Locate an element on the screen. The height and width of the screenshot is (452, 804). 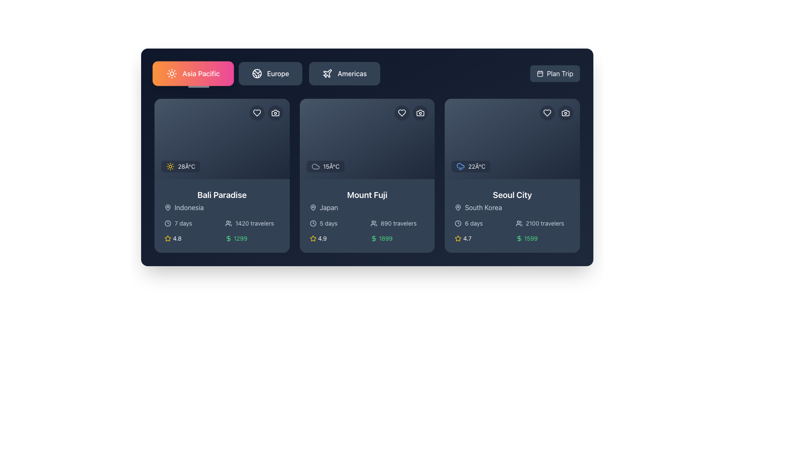
the circular sun icon located at the left end of the 'Asia Pacific' button is located at coordinates (171, 73).